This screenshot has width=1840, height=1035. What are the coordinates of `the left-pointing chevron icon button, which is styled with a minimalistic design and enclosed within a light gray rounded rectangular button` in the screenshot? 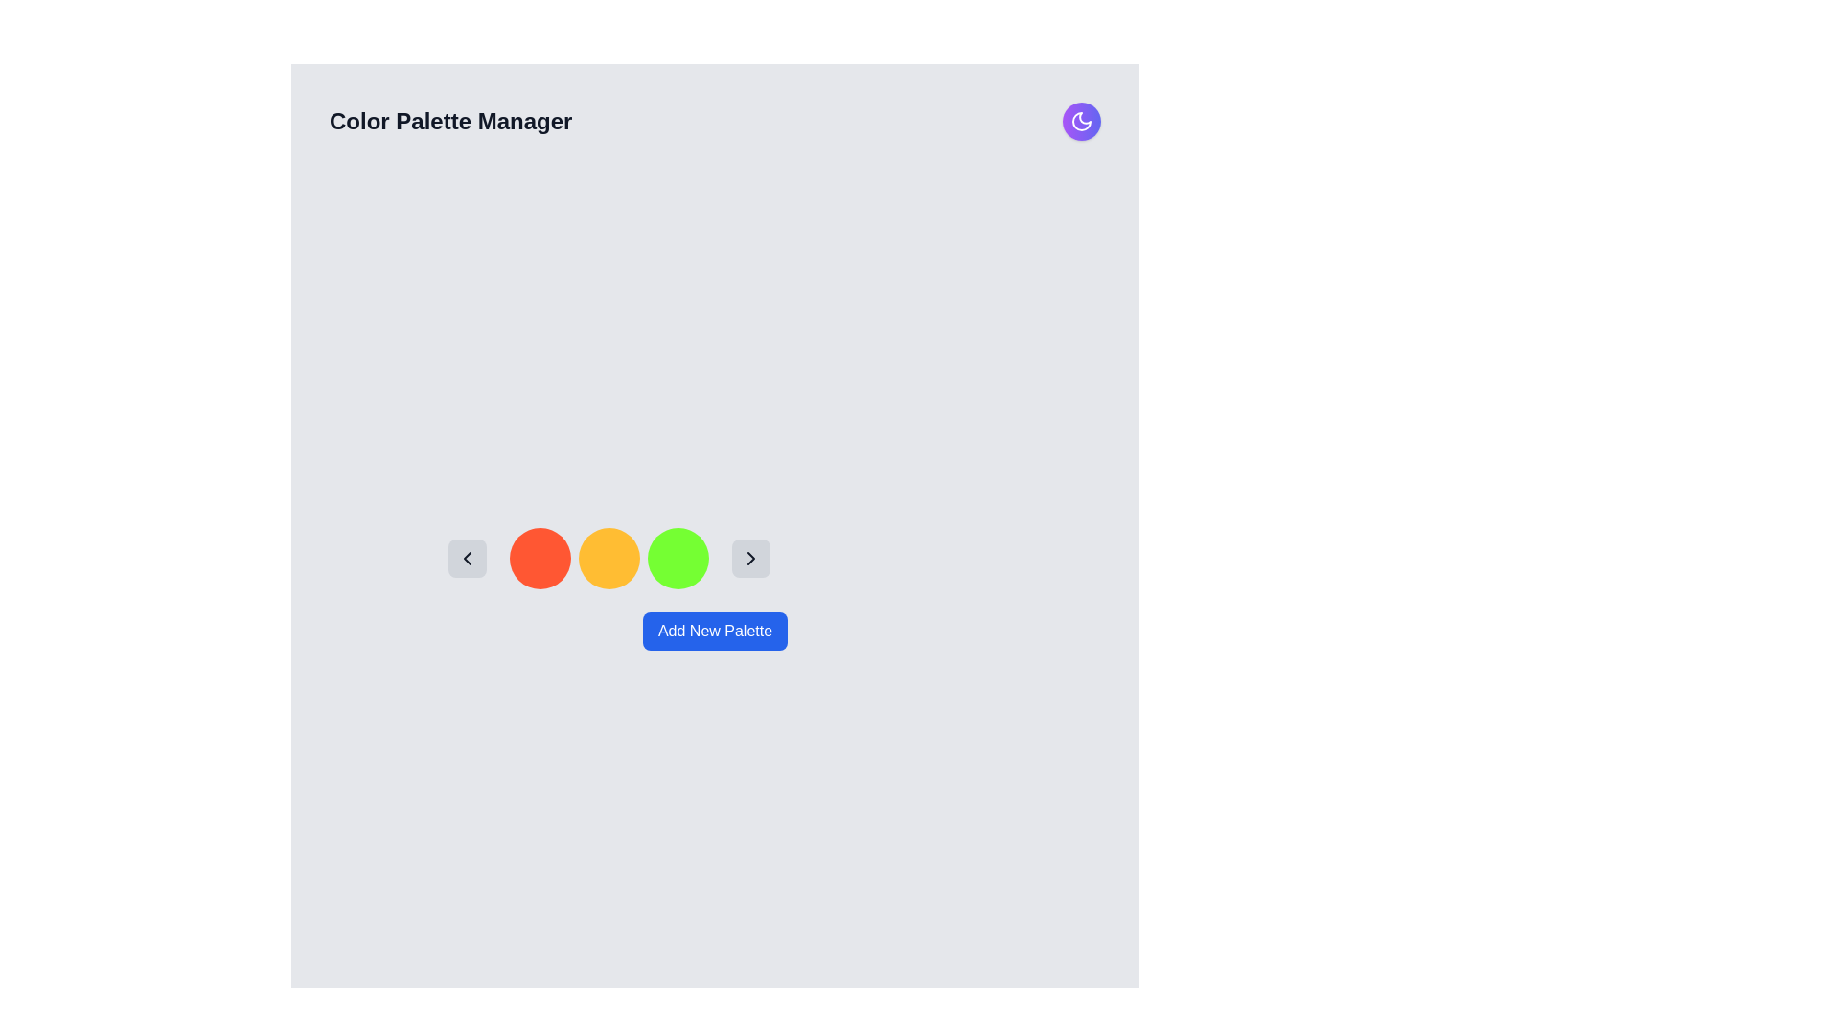 It's located at (467, 558).